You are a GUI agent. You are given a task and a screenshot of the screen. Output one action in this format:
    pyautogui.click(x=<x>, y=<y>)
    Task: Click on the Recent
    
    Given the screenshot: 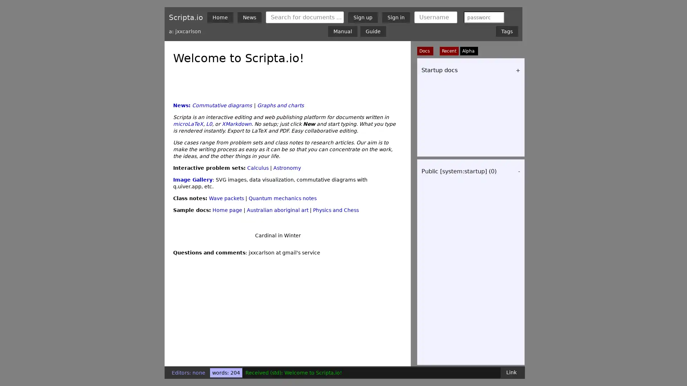 What is the action you would take?
    pyautogui.click(x=449, y=50)
    